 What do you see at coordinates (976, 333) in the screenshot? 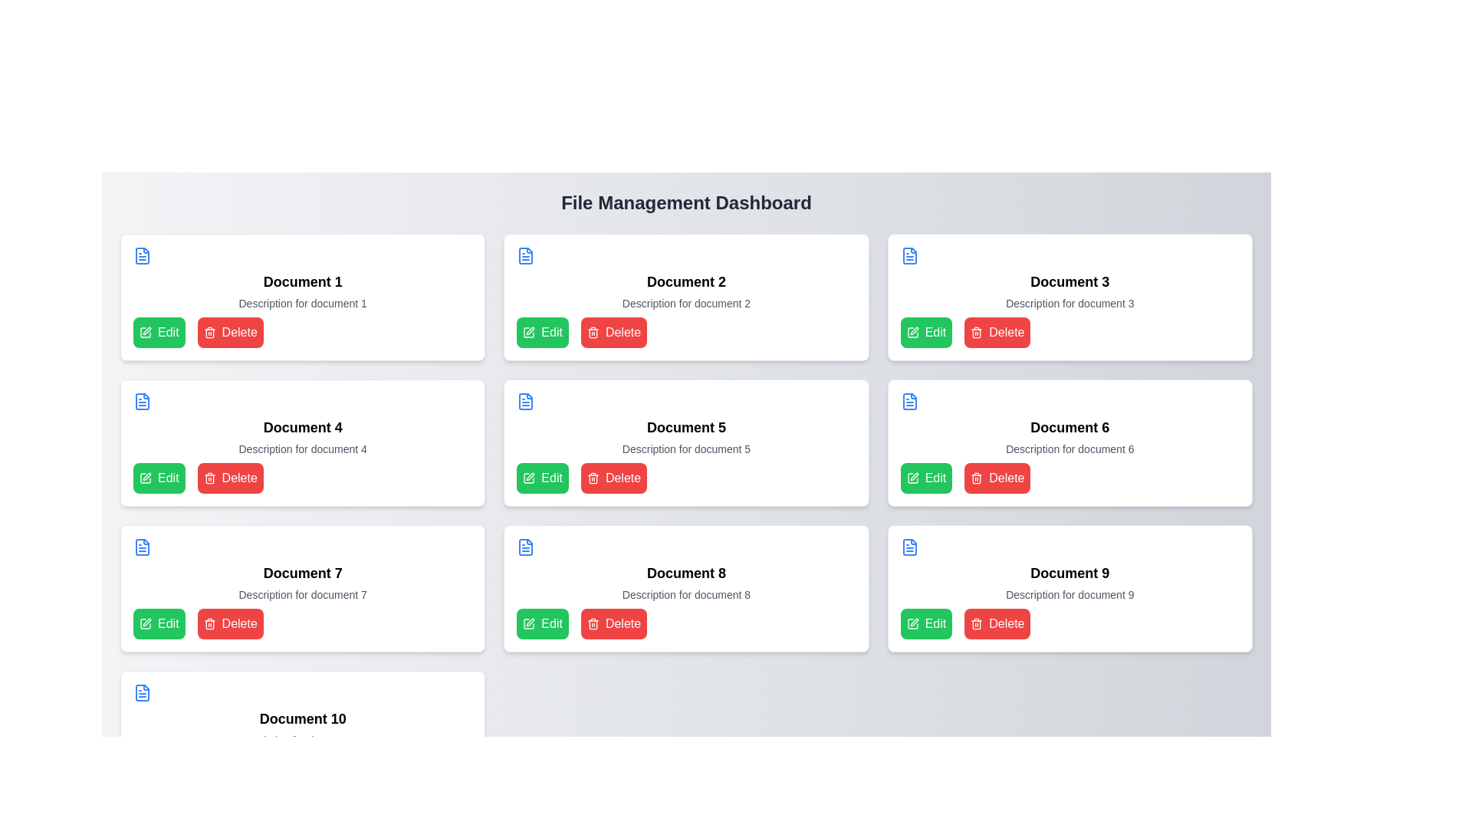
I see `the trash bin icon of the 'Delete' button associated with 'Document 6', which is located in the second row and third column of the layout` at bounding box center [976, 333].